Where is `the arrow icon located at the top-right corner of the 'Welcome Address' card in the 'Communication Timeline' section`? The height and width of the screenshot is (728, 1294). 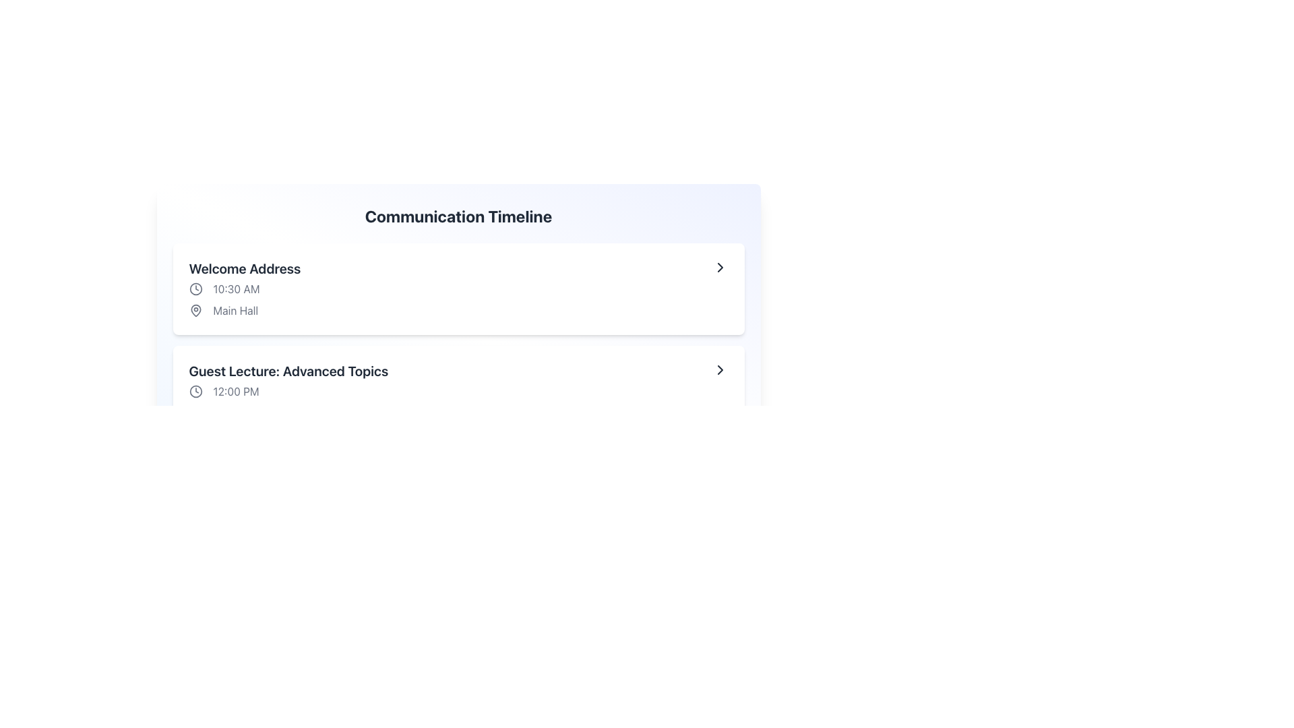 the arrow icon located at the top-right corner of the 'Welcome Address' card in the 'Communication Timeline' section is located at coordinates (719, 268).